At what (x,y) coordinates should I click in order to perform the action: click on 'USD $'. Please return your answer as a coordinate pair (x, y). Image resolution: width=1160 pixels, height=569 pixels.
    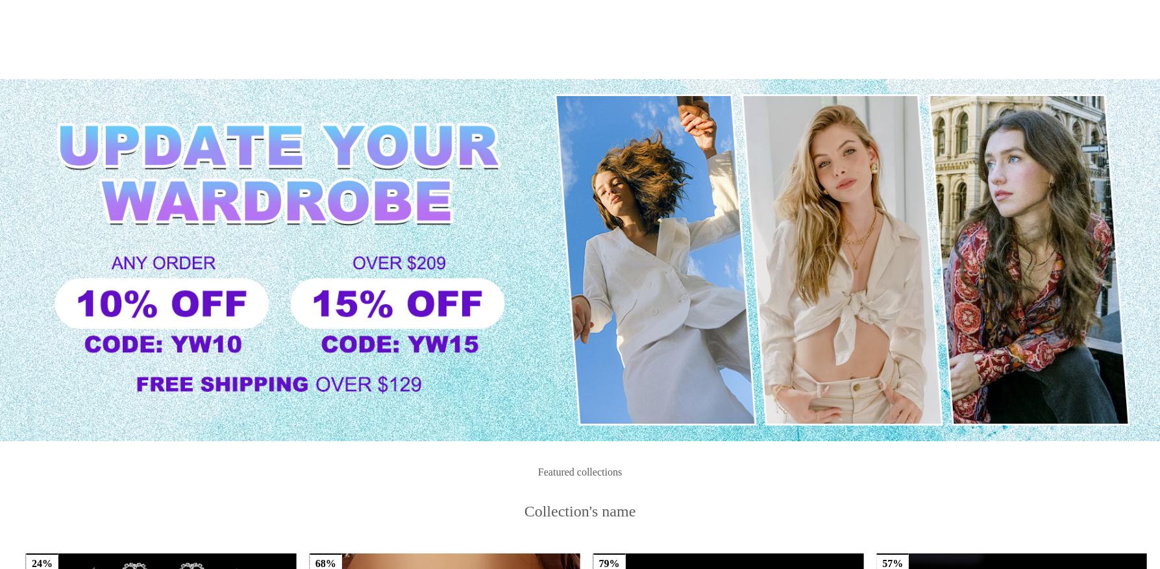
    Looking at the image, I should click on (62, 22).